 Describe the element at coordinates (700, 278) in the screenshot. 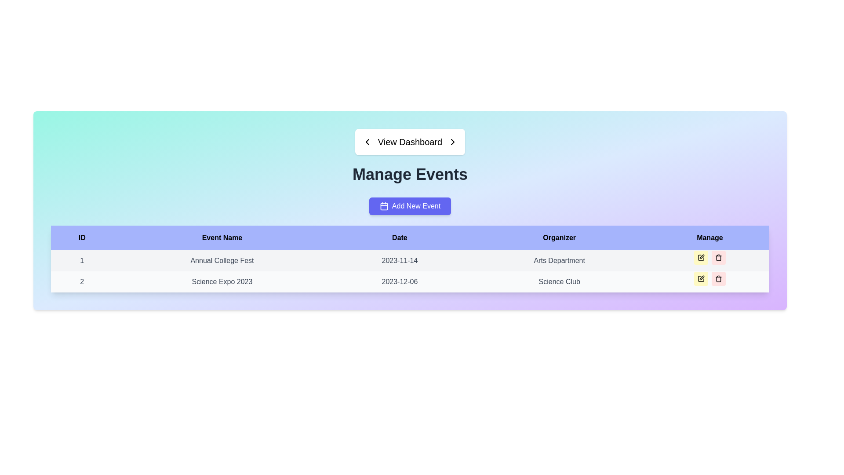

I see `the 'Edit' icon button located in the second row of the 'Manage' column` at that location.